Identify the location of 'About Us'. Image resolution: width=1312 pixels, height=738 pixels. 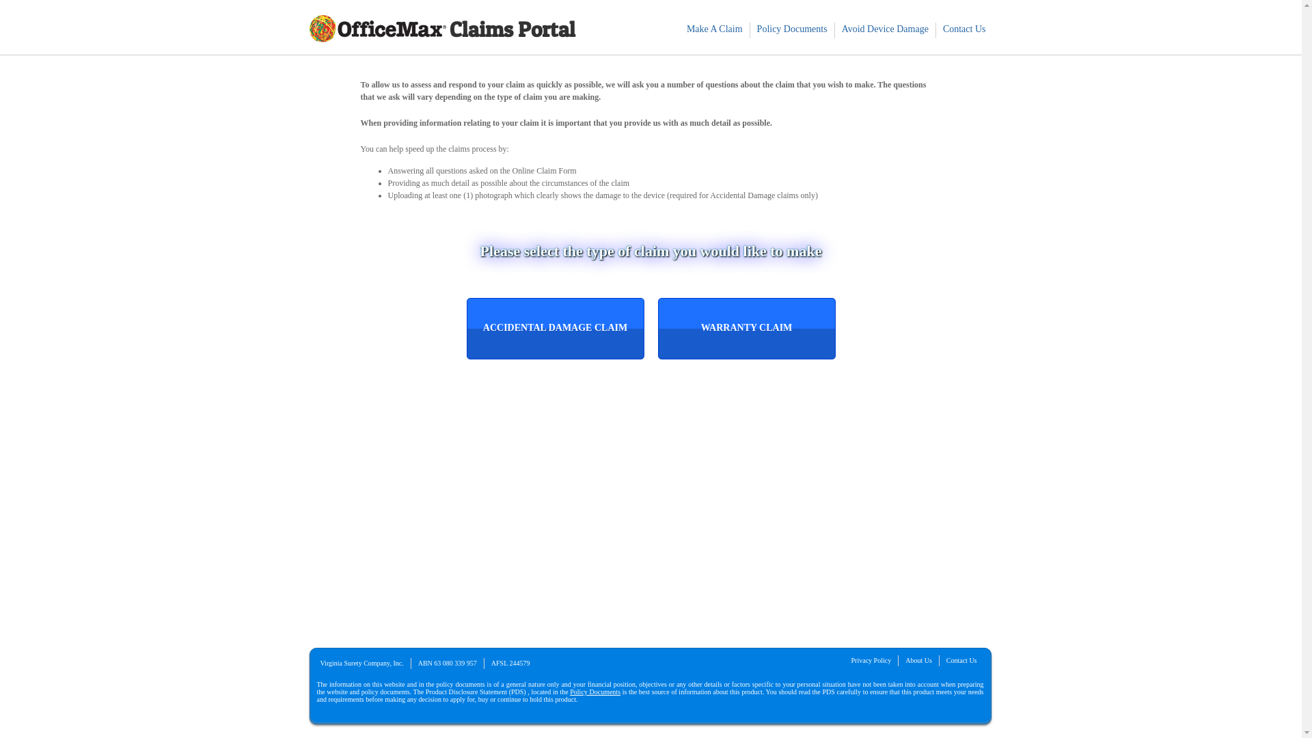
(918, 659).